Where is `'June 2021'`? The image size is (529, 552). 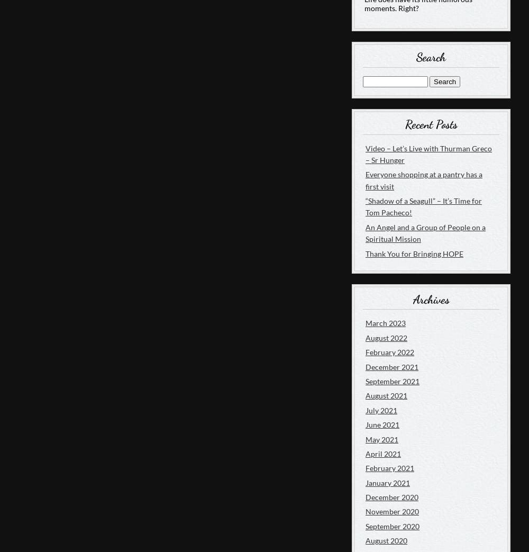
'June 2021' is located at coordinates (382, 424).